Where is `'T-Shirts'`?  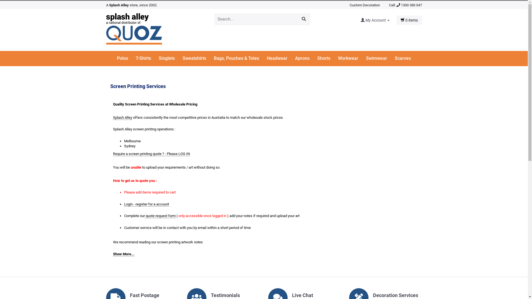
'T-Shirts' is located at coordinates (147, 58).